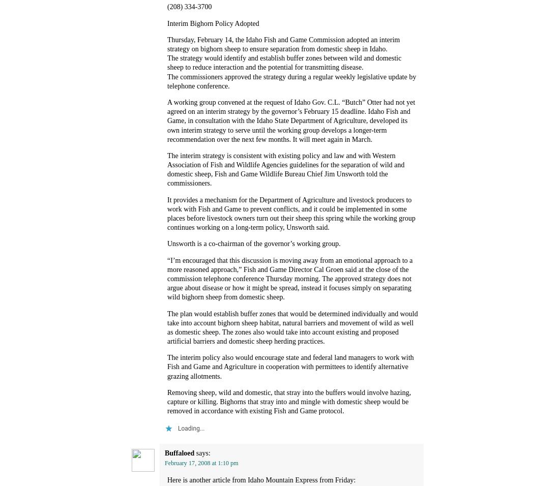  Describe the element at coordinates (212, 22) in the screenshot. I see `'Interim Bighorn Policy Adopted'` at that location.